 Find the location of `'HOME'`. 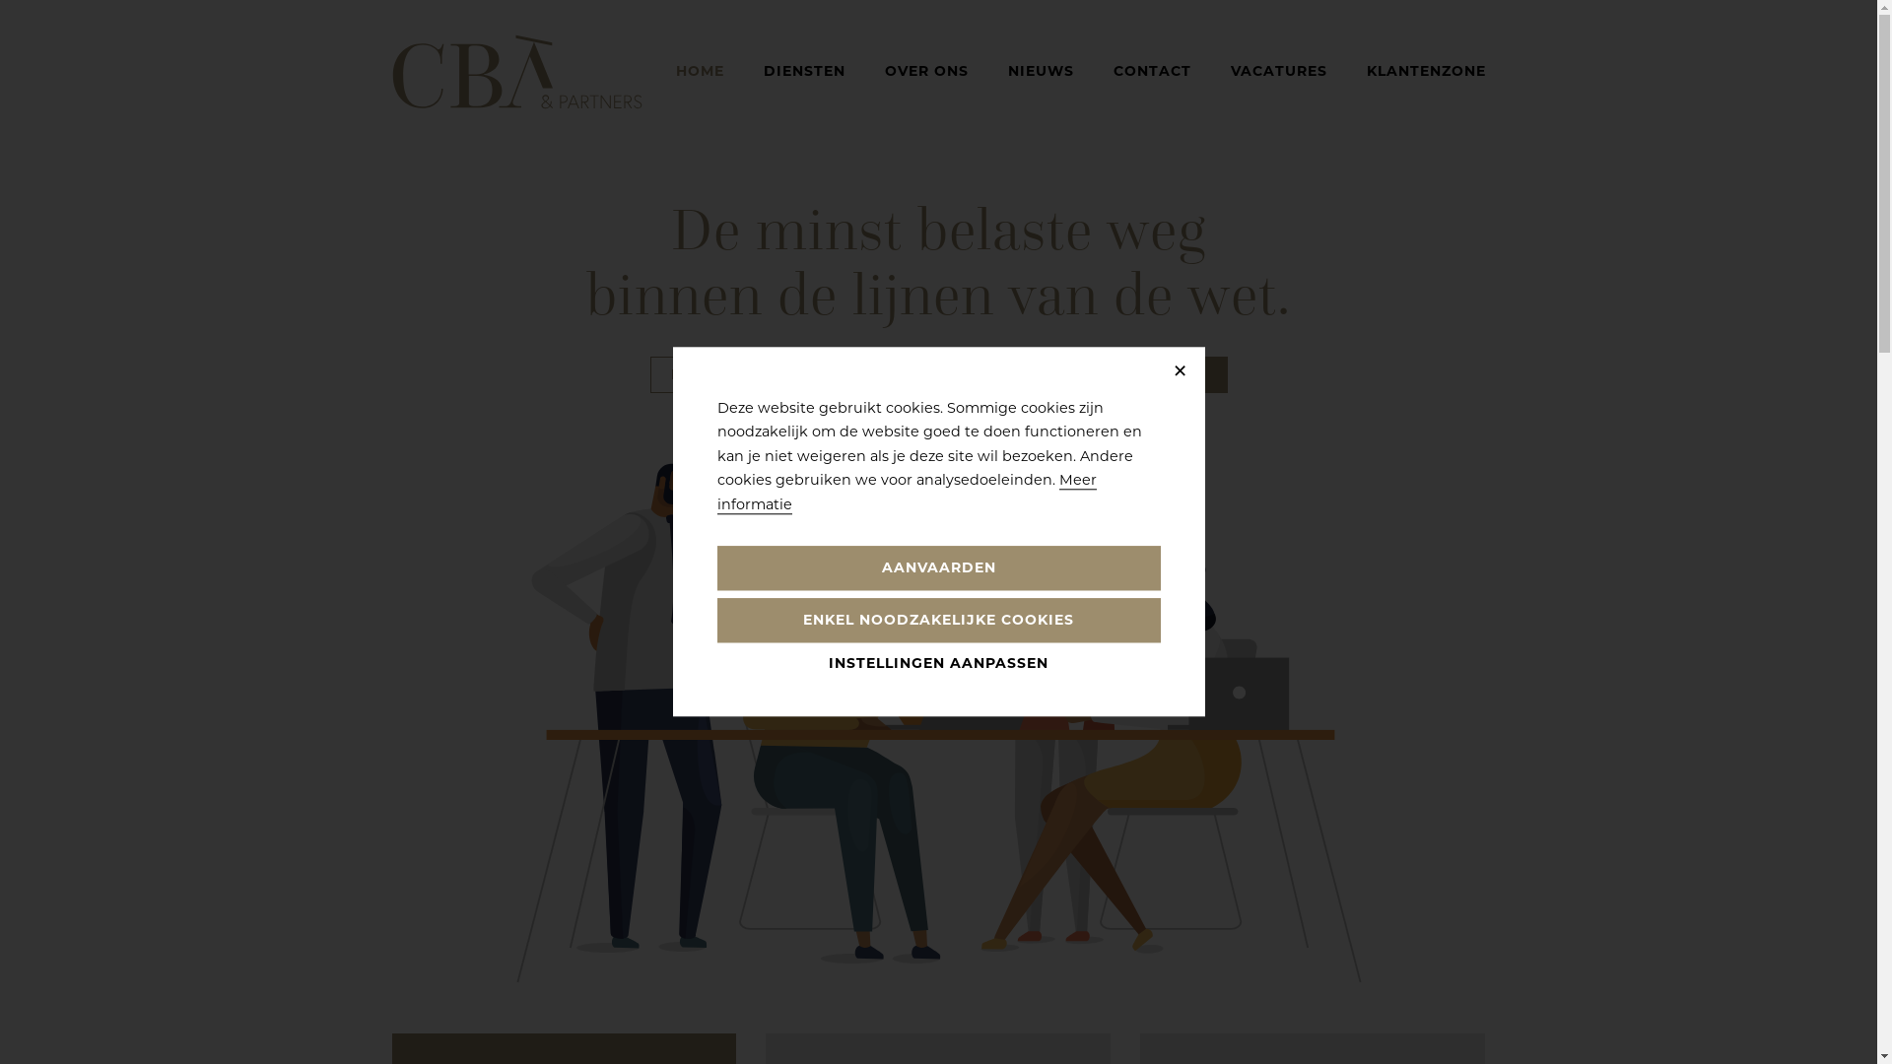

'HOME' is located at coordinates (700, 70).